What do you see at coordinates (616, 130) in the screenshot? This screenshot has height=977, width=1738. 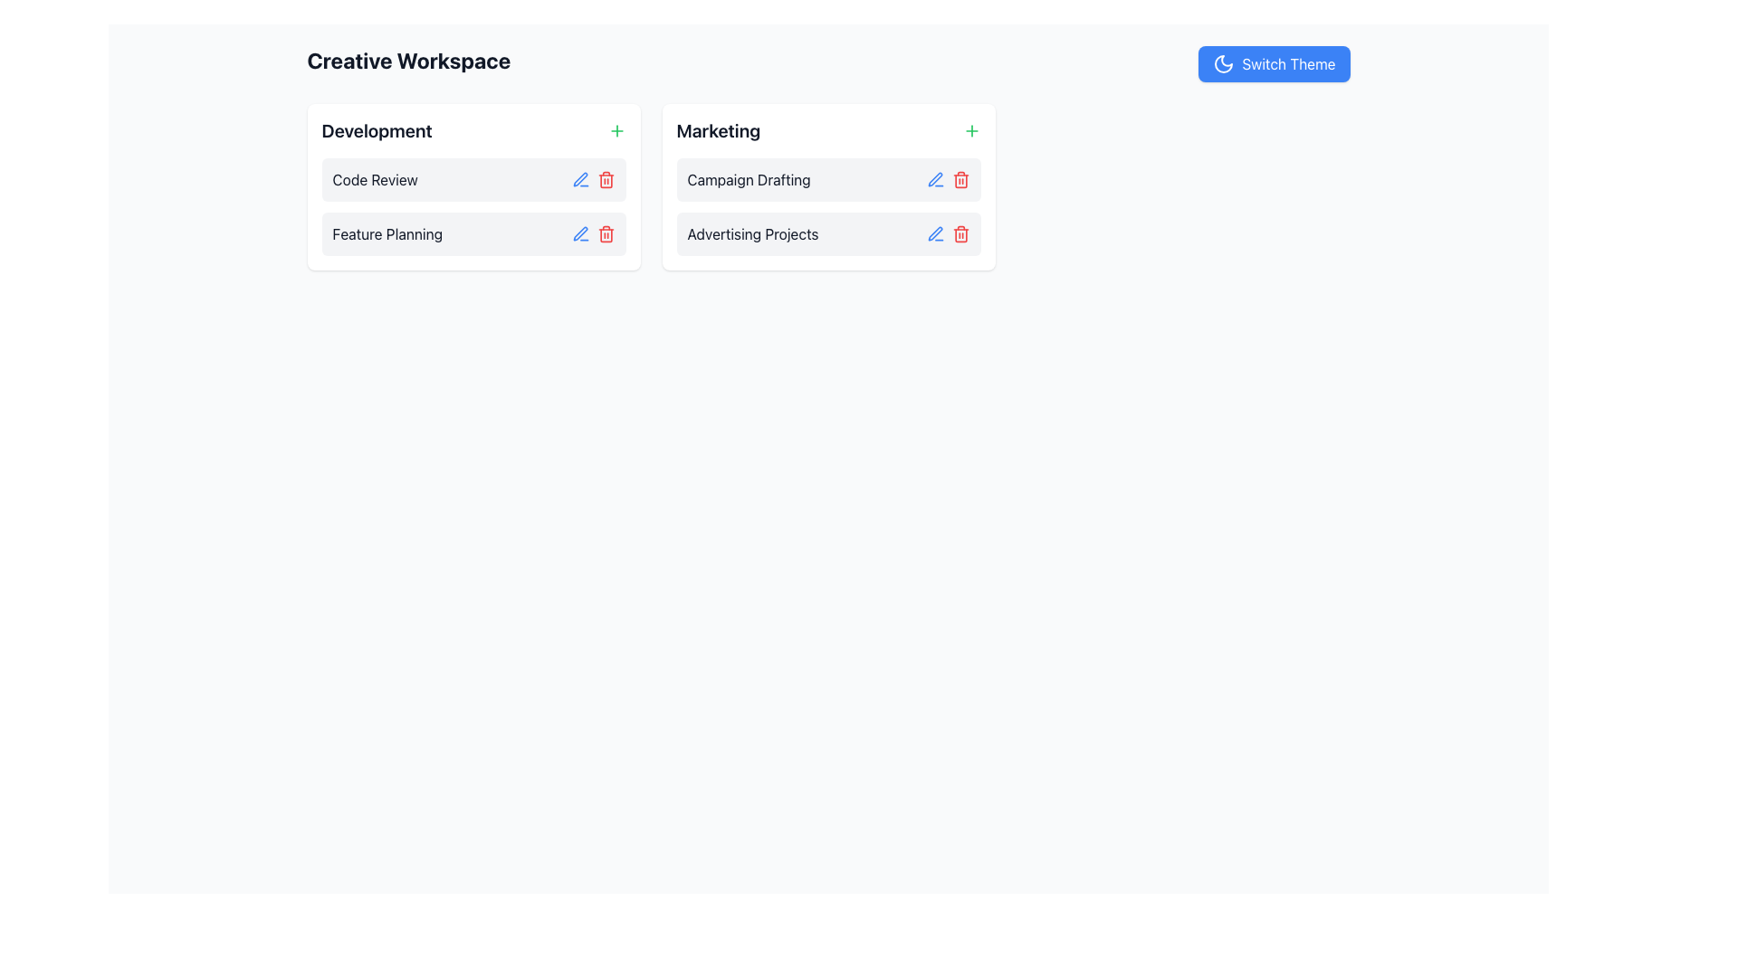 I see `the button located to the far right of the 'Development' header` at bounding box center [616, 130].